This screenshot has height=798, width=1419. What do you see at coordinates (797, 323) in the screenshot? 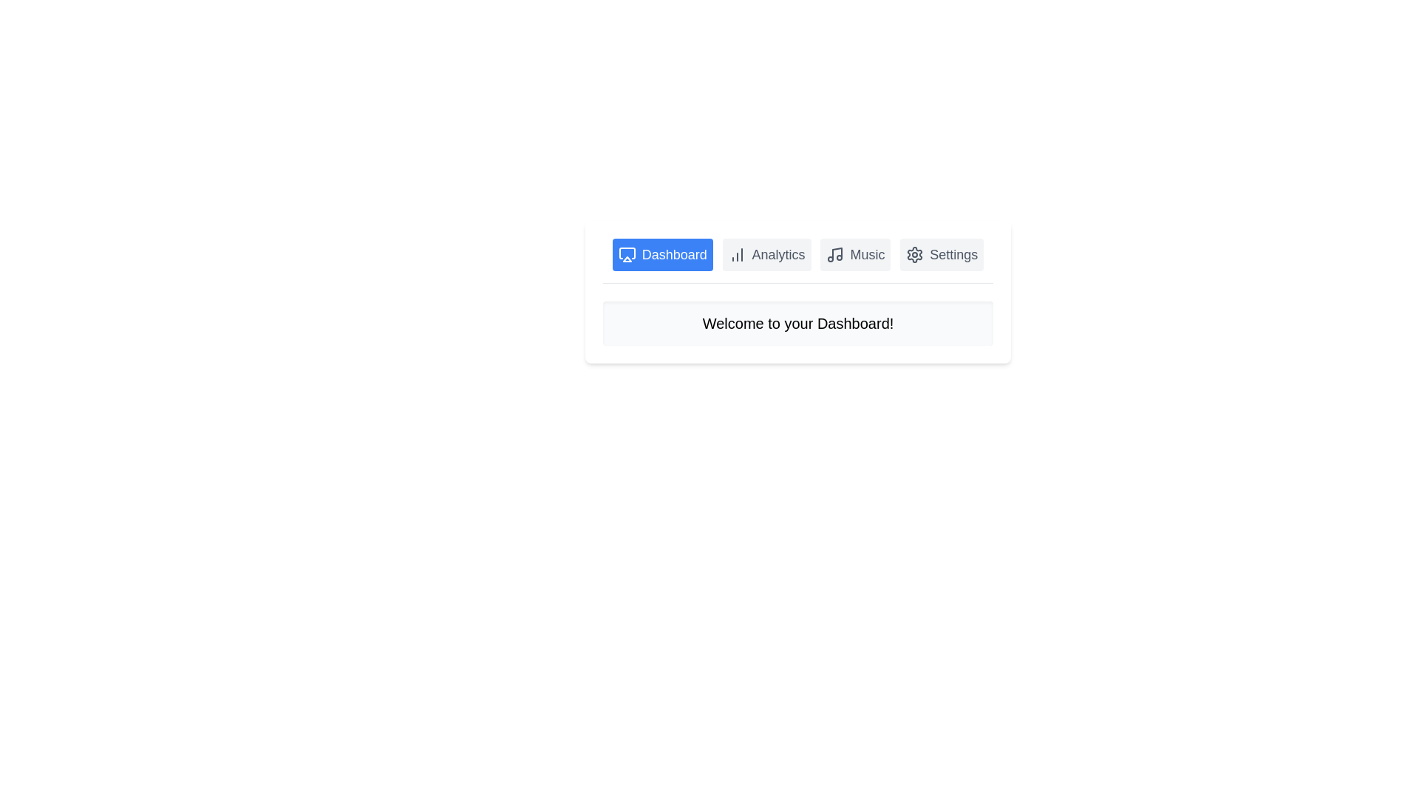
I see `the welcoming message static text element located below the navigation buttons on the dashboard` at bounding box center [797, 323].